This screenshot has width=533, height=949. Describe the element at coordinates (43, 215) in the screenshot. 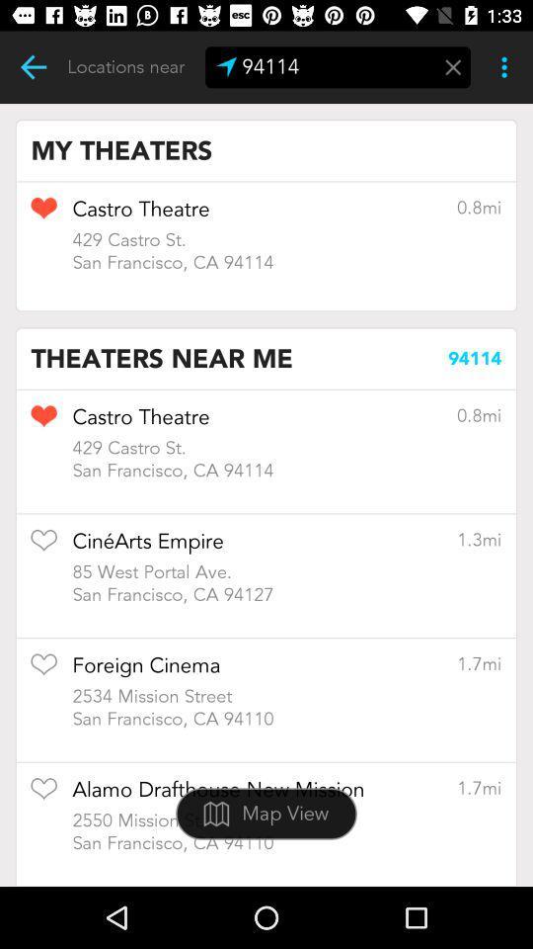

I see `heart symbol` at that location.